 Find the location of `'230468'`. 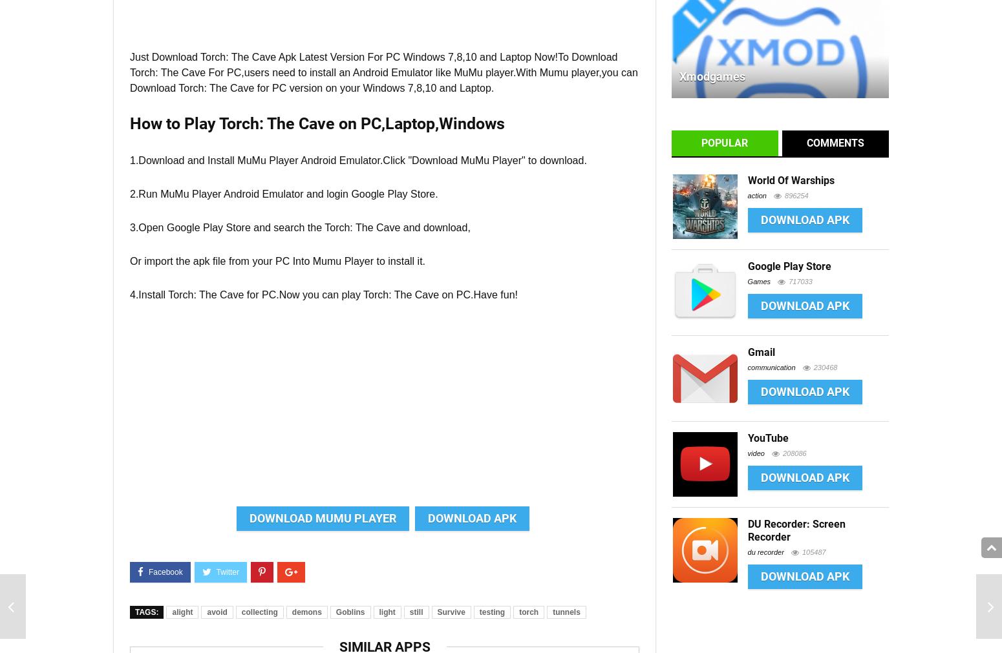

'230468' is located at coordinates (824, 367).